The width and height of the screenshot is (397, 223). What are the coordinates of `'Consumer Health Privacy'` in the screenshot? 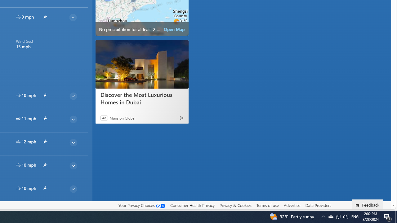 It's located at (192, 205).